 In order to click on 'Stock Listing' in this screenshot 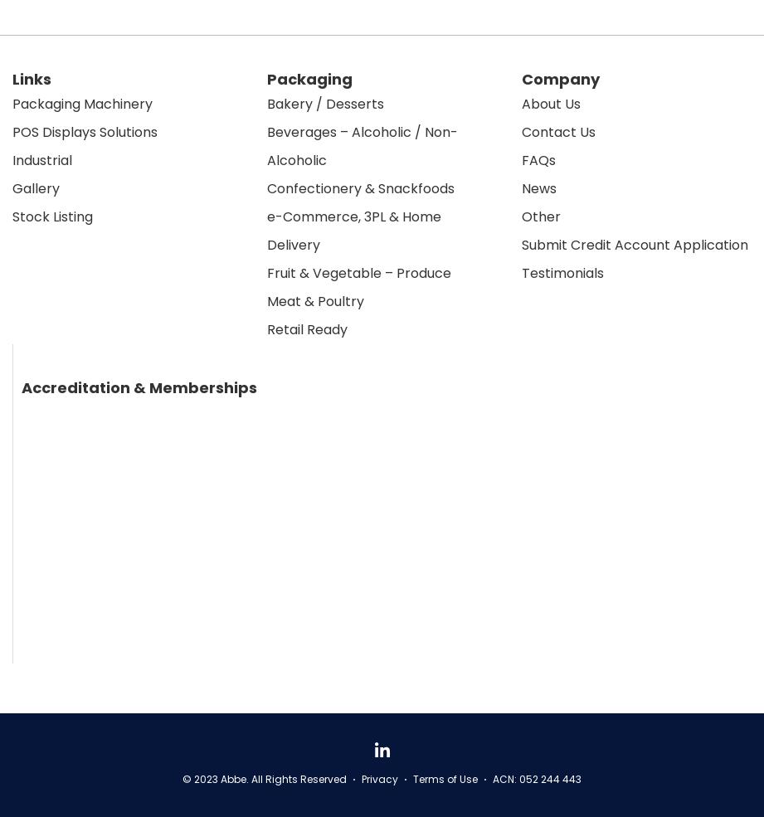, I will do `click(52, 215)`.